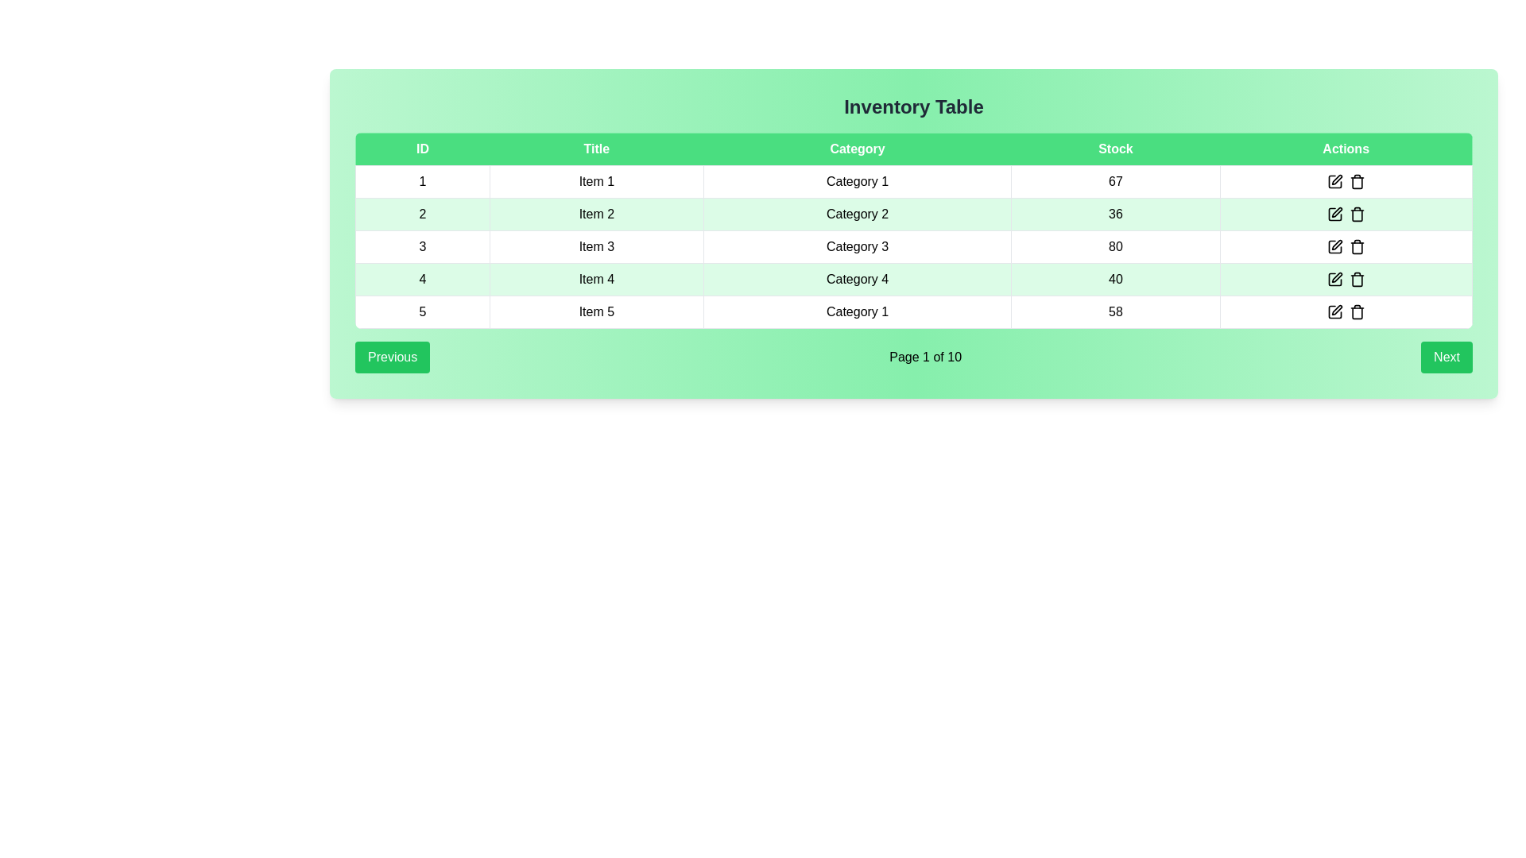 The image size is (1526, 858). I want to click on the table row labeled 'Item 4', so click(914, 278).